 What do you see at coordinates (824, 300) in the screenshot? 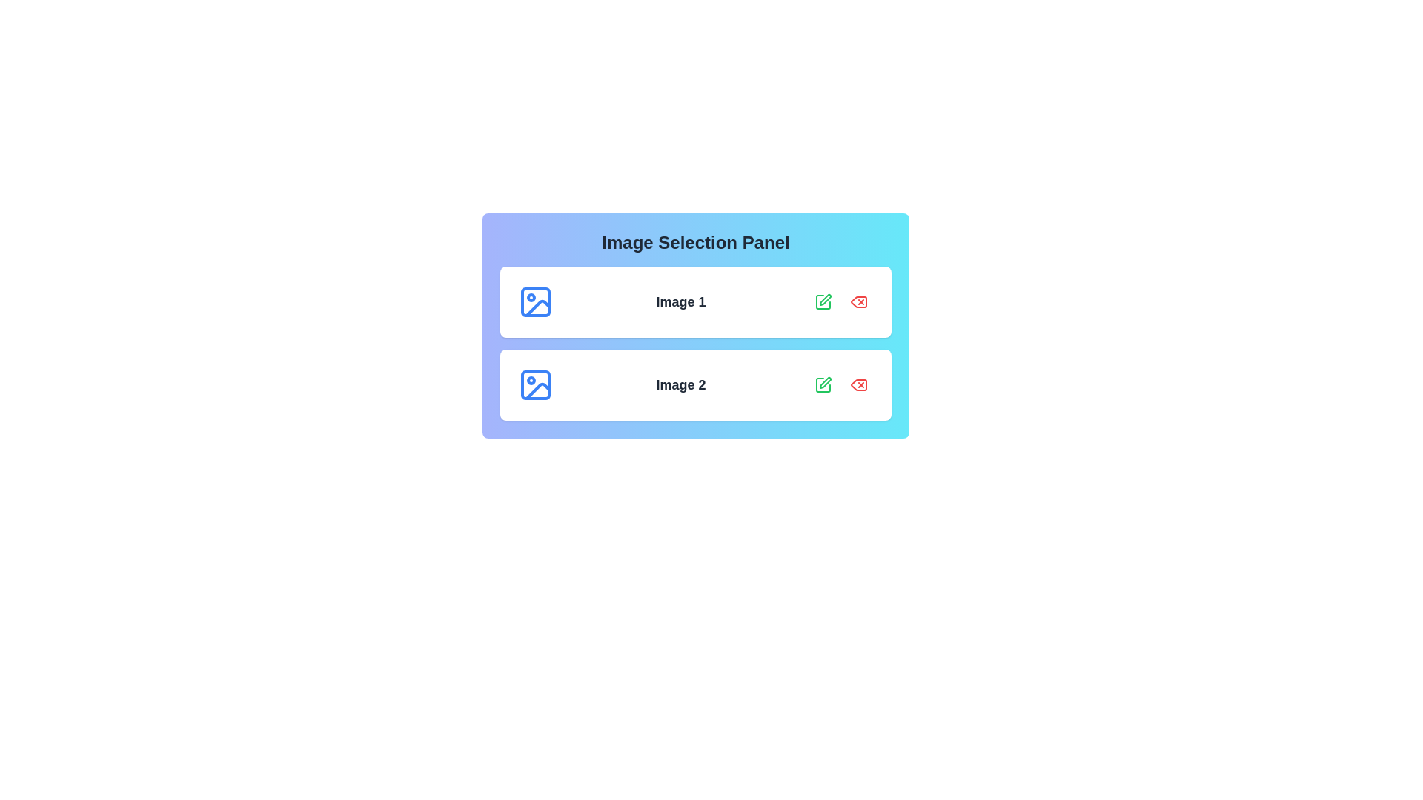
I see `the green-stroked pencil icon button on the right-most side of the 'Image 1' row in the 'Image Selection Panel' to initiate an edit action` at bounding box center [824, 300].